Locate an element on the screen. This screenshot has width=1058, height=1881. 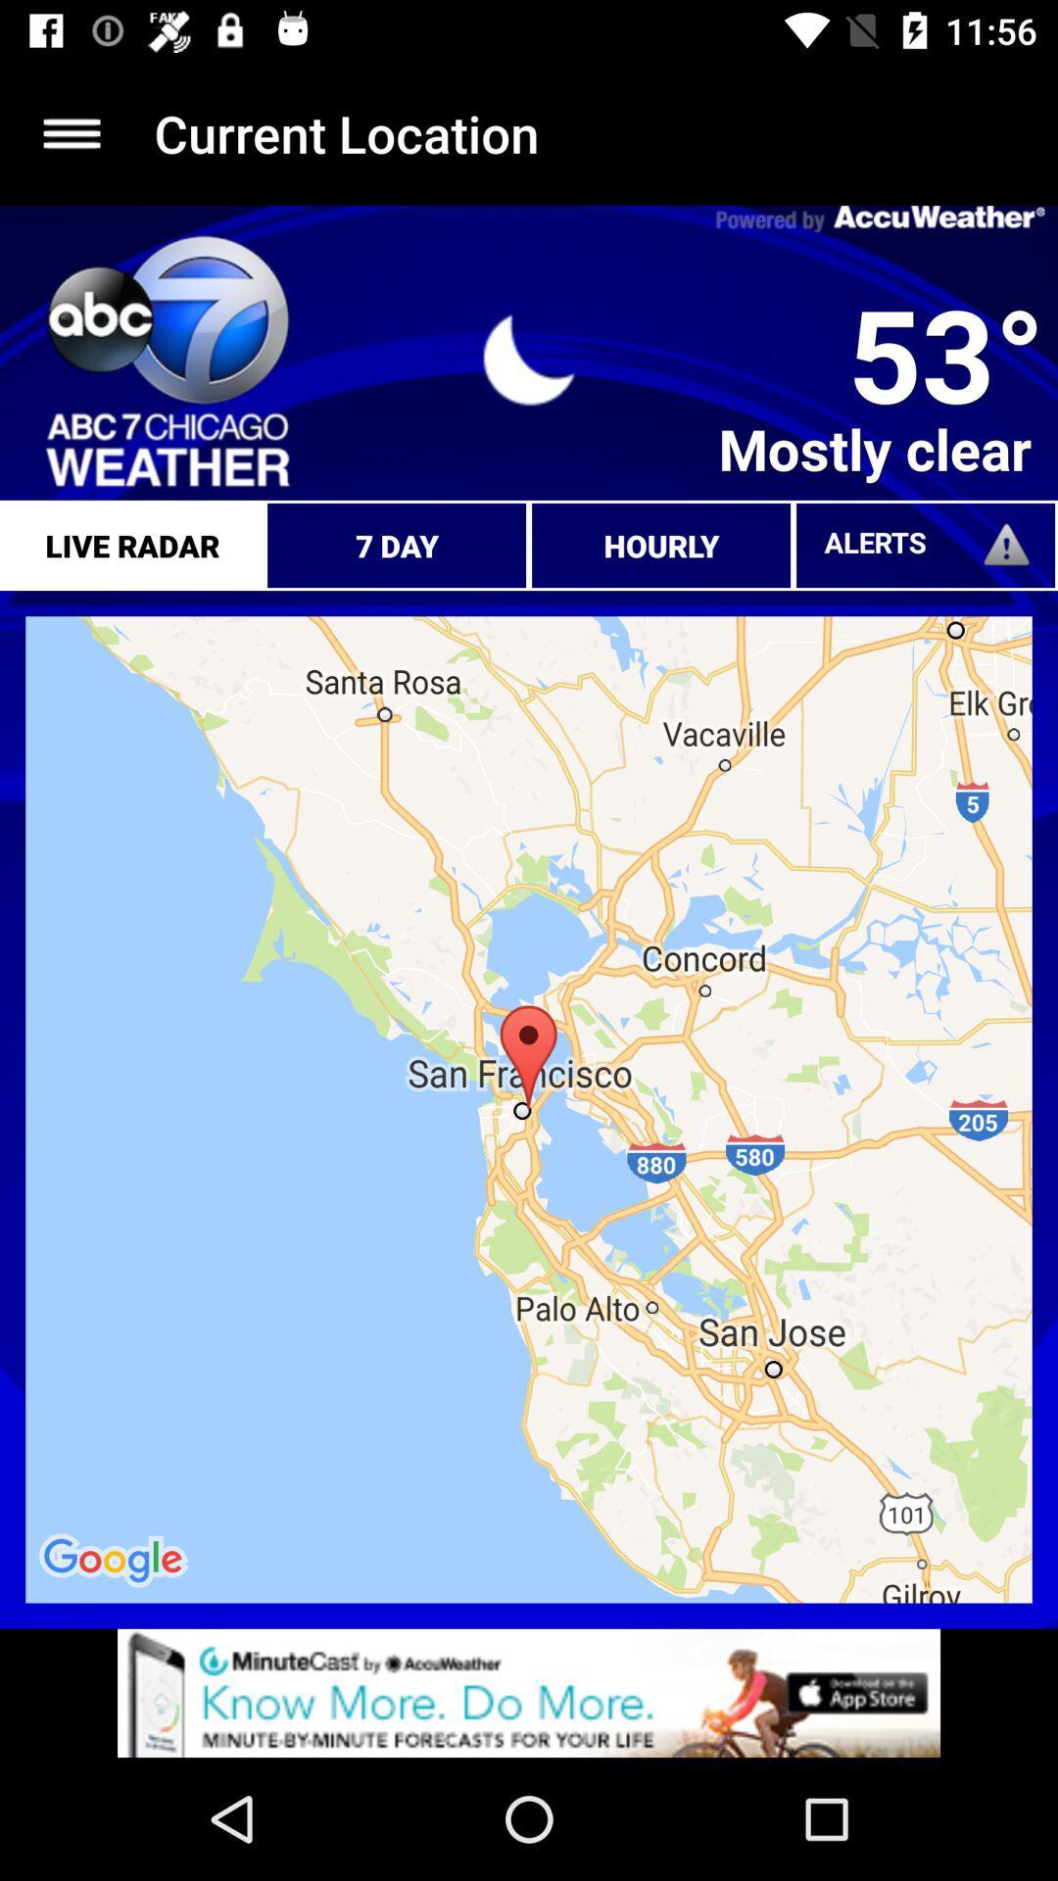
option left to hourly is located at coordinates (397, 545).